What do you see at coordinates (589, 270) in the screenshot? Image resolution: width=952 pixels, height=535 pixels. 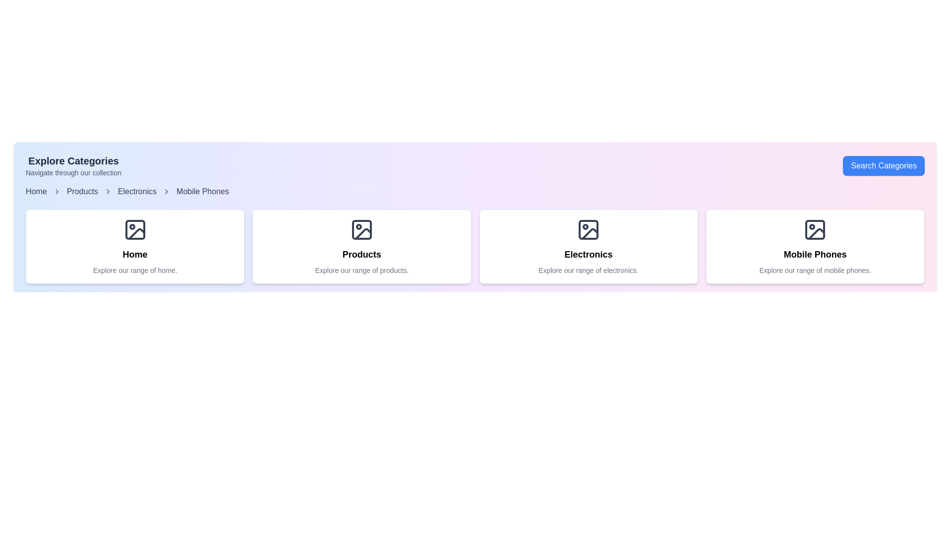 I see `descriptive text label providing information about the 'Electronics' category, located centrally at the bottom of the 'Electronics' box` at bounding box center [589, 270].